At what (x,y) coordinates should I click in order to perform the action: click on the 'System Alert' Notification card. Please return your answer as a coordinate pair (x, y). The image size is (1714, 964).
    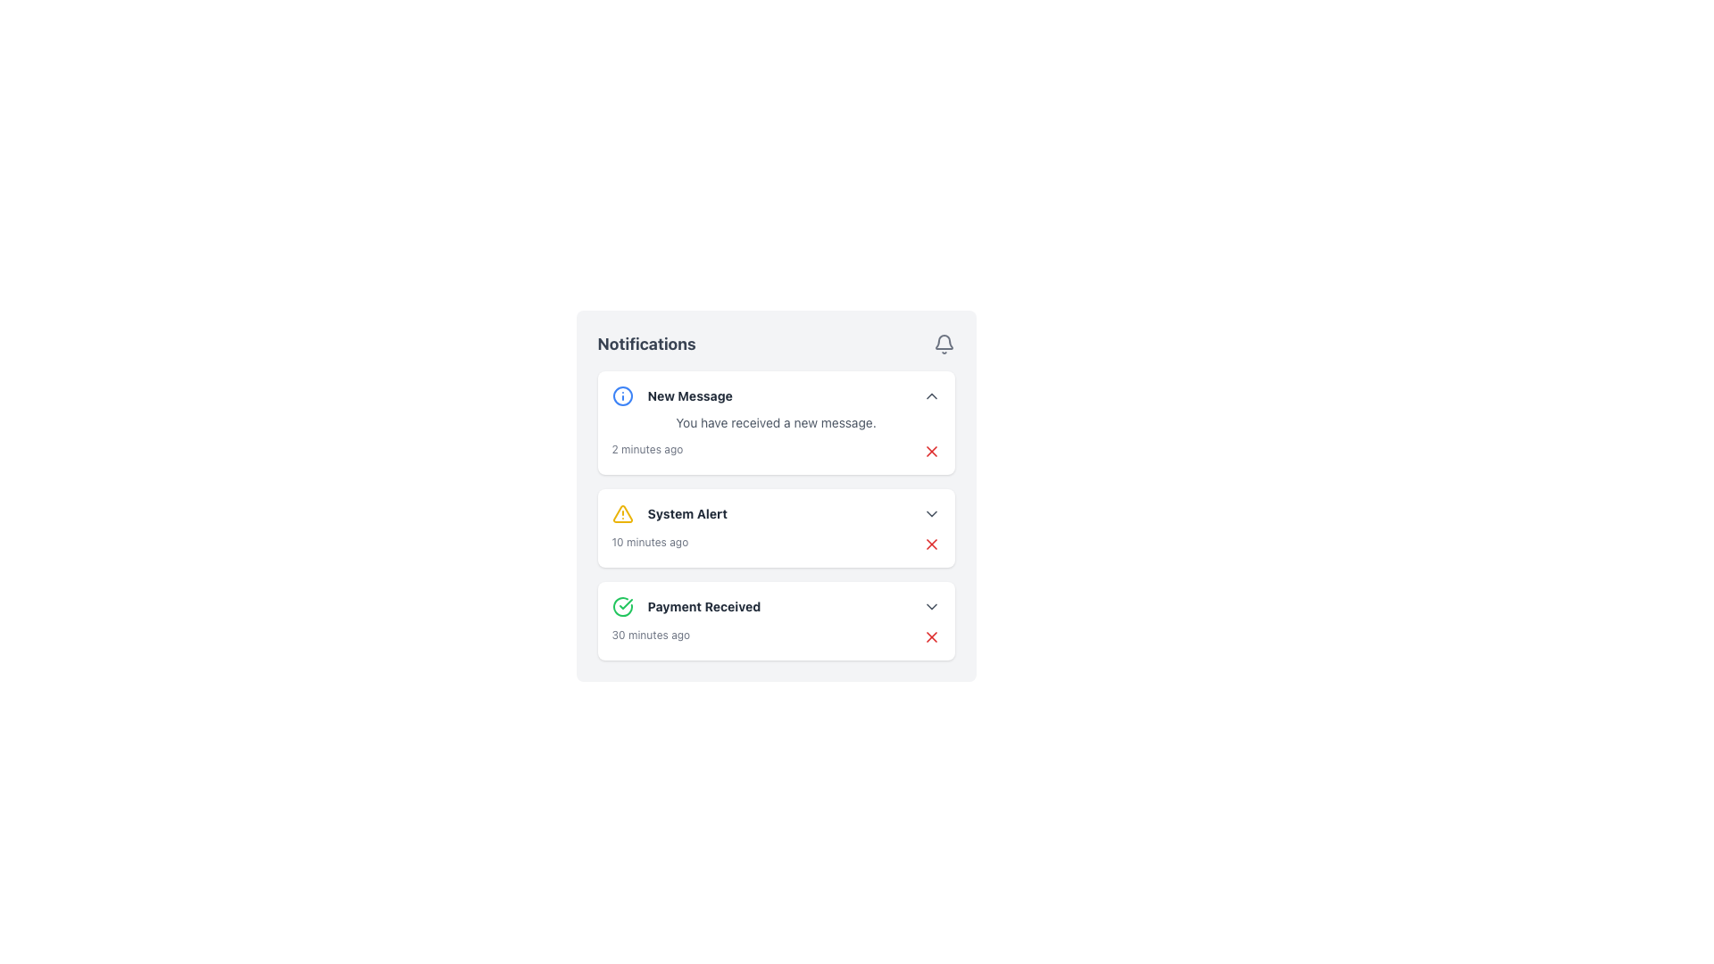
    Looking at the image, I should click on (776, 495).